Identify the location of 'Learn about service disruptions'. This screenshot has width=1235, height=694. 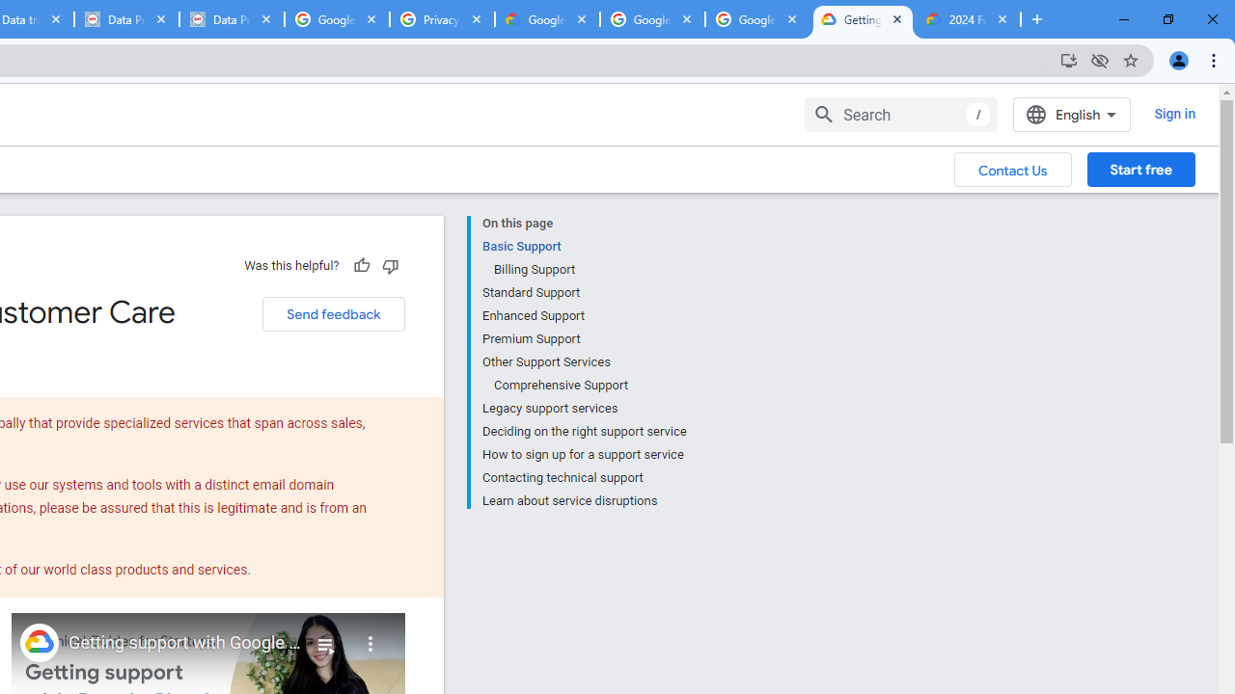
(583, 498).